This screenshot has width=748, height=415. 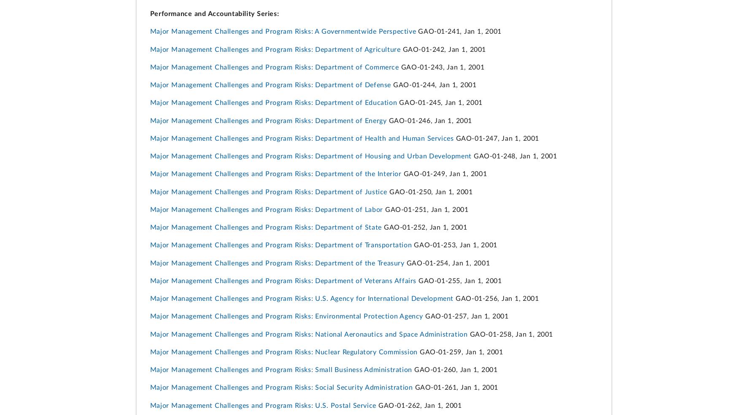 I want to click on 'Major Management Challenges and Program Risks: Social Security Administration', so click(x=281, y=387).